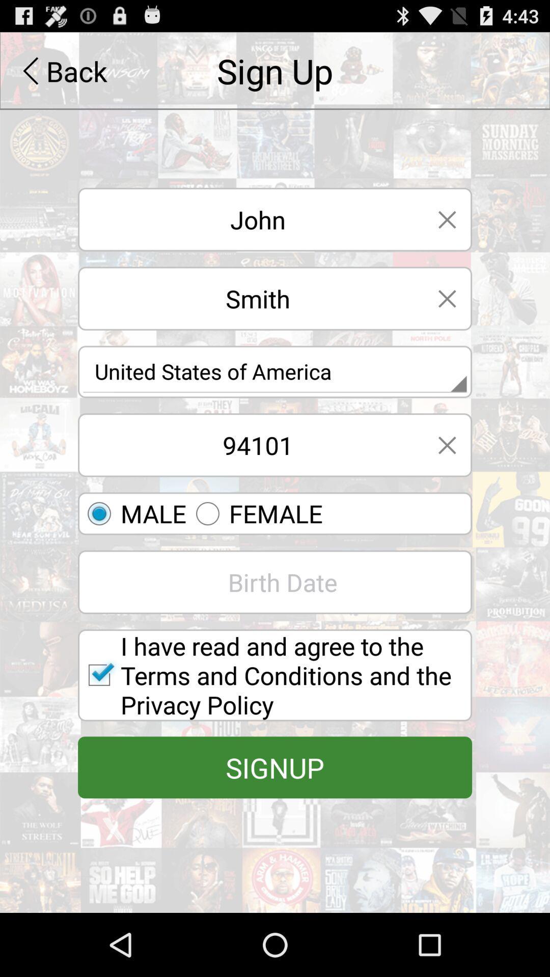 Image resolution: width=550 pixels, height=977 pixels. What do you see at coordinates (250, 219) in the screenshot?
I see `text box in which the text is john` at bounding box center [250, 219].